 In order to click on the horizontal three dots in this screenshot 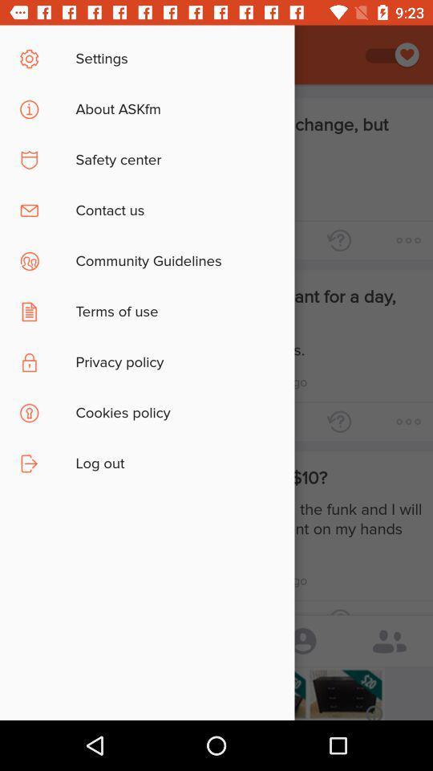, I will do `click(408, 239)`.